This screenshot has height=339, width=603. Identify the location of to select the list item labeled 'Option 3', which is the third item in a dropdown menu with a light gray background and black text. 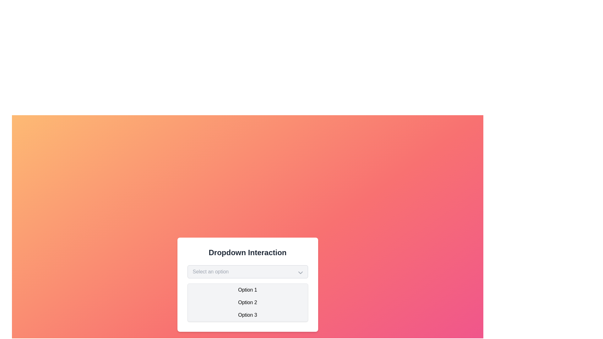
(247, 315).